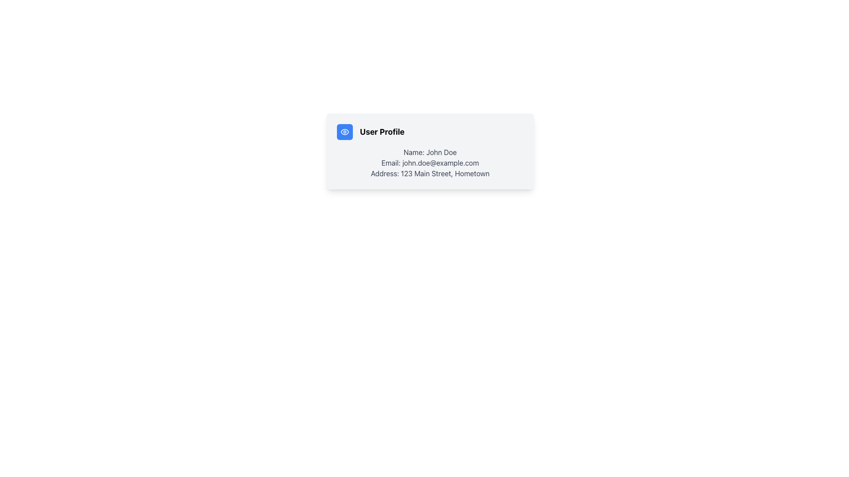 The image size is (849, 477). What do you see at coordinates (344, 132) in the screenshot?
I see `the button with an eye icon located to the left of the 'User Profile' text` at bounding box center [344, 132].